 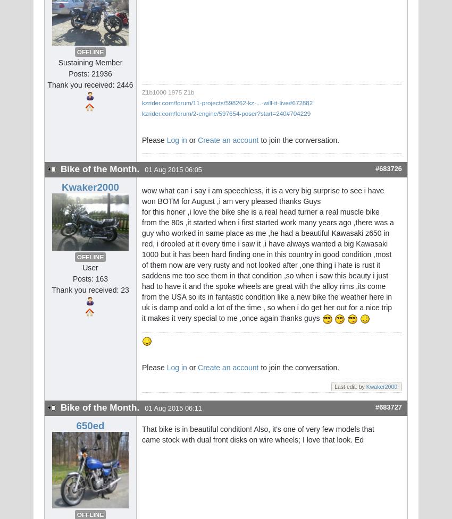 I want to click on '01 Aug 2015 06:05', so click(x=173, y=169).